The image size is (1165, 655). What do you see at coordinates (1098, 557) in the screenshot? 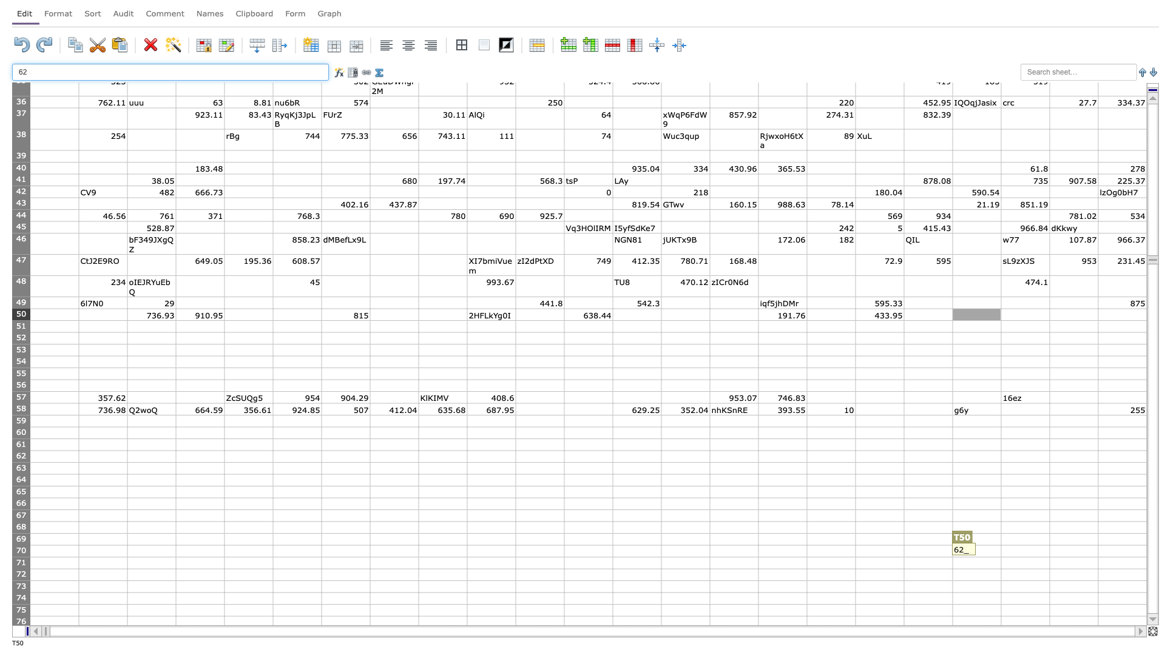
I see `bottom right corner of V70` at bounding box center [1098, 557].